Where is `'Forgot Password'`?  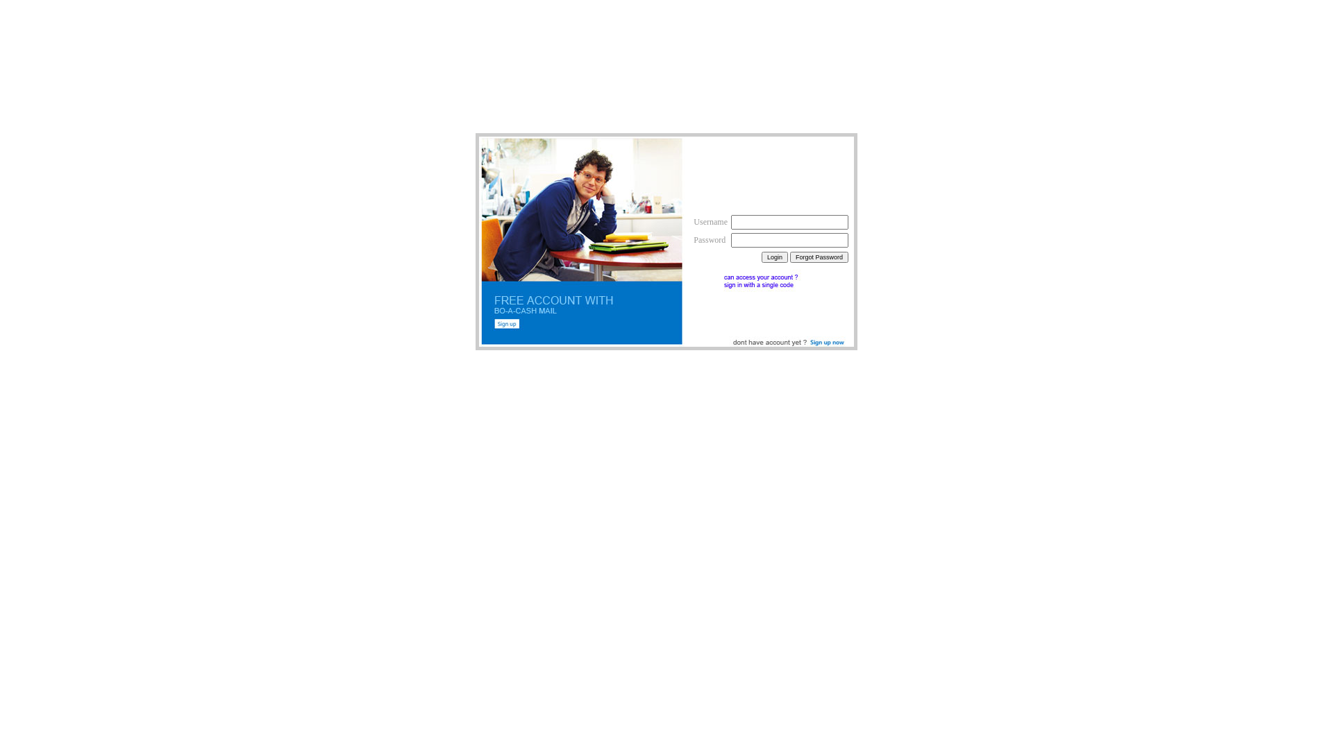 'Forgot Password' is located at coordinates (819, 257).